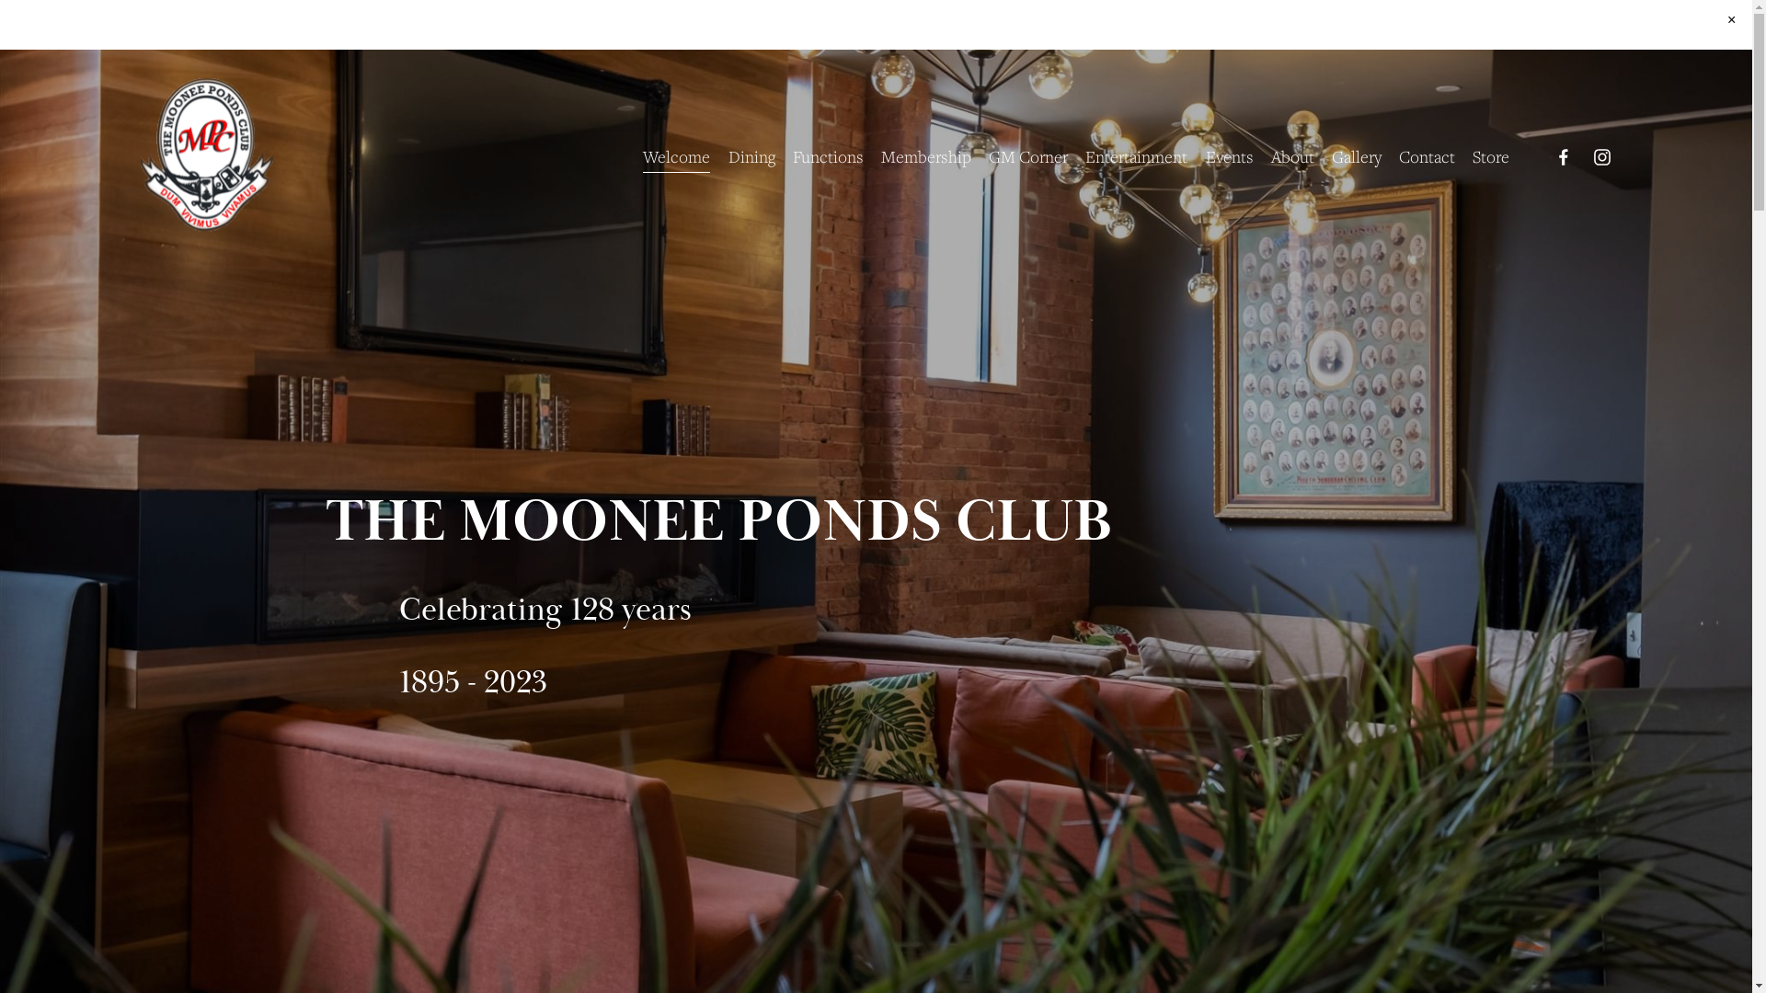 The width and height of the screenshot is (1766, 993). What do you see at coordinates (1205, 155) in the screenshot?
I see `'Events'` at bounding box center [1205, 155].